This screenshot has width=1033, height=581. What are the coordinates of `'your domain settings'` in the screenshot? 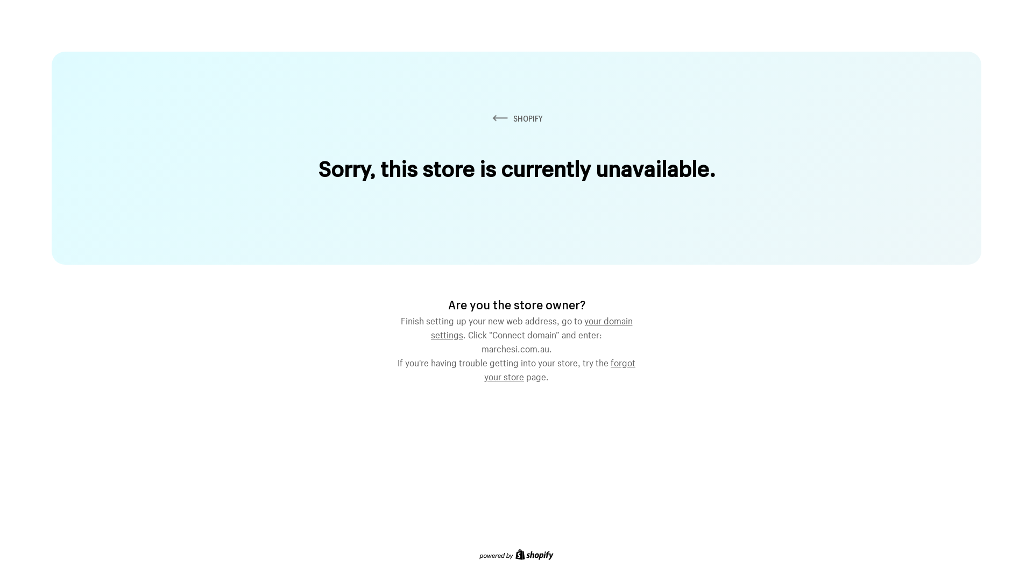 It's located at (532, 325).